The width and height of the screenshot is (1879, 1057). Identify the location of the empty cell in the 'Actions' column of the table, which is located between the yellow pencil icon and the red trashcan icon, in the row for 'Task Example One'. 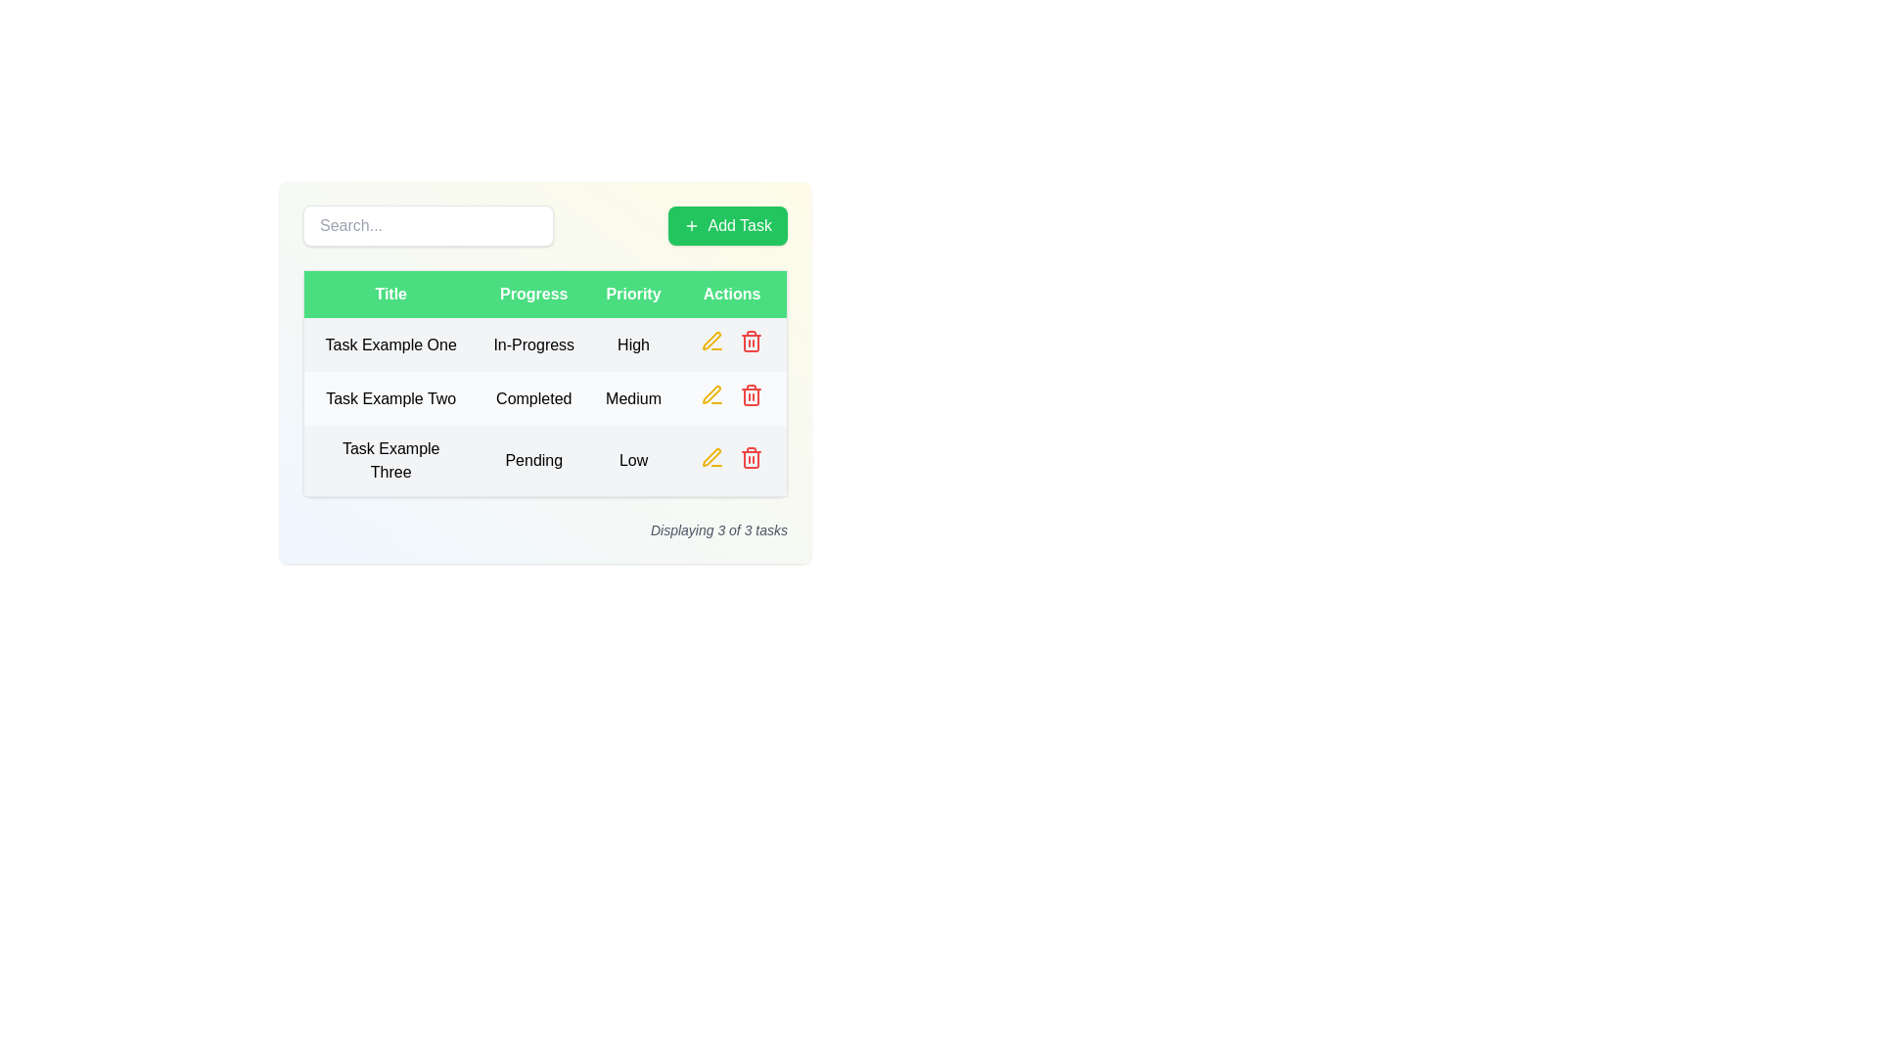
(731, 344).